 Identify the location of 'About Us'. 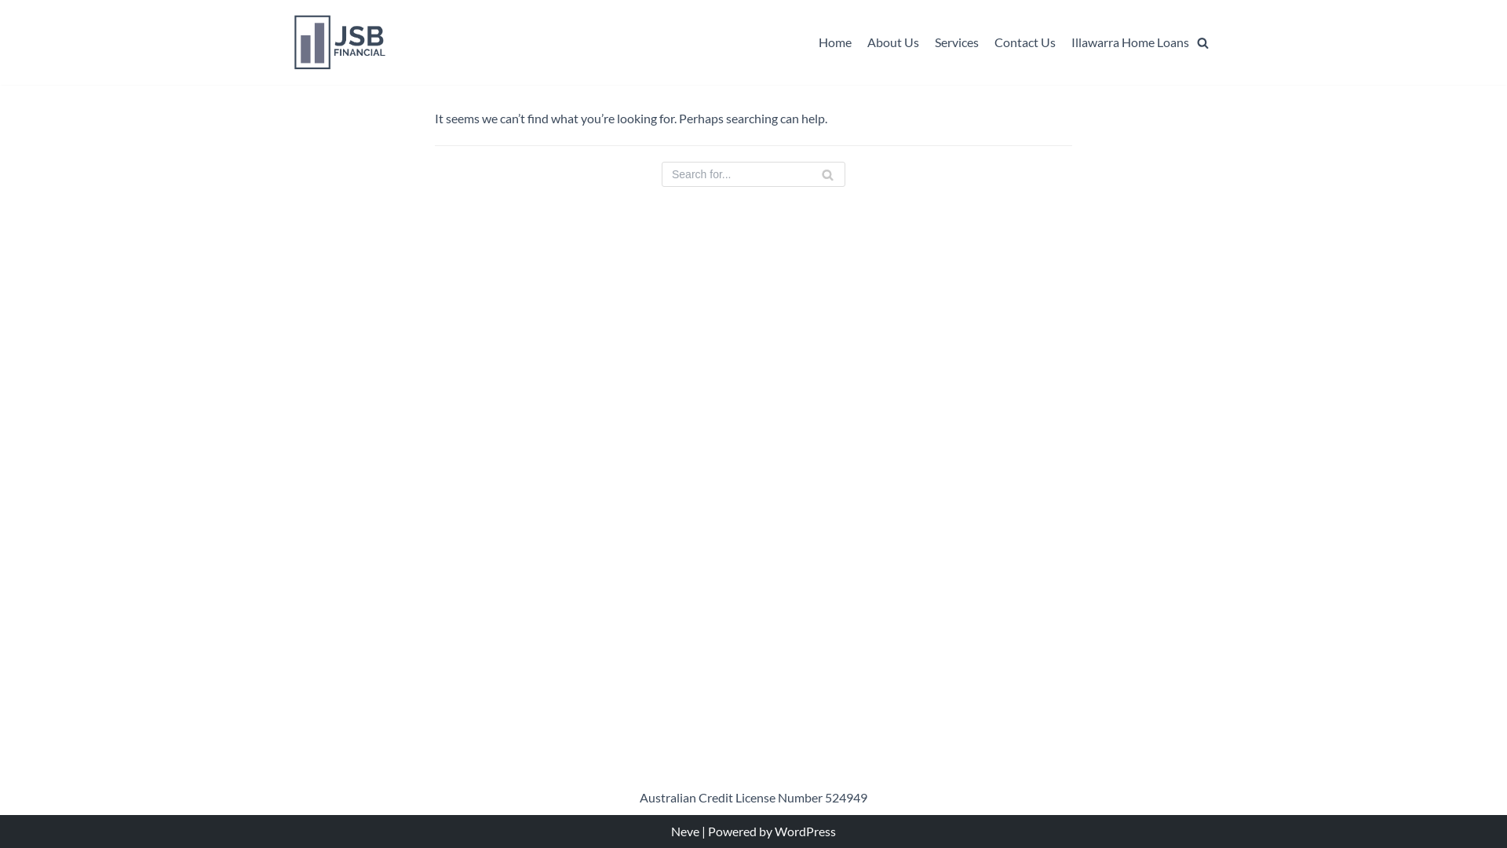
(892, 42).